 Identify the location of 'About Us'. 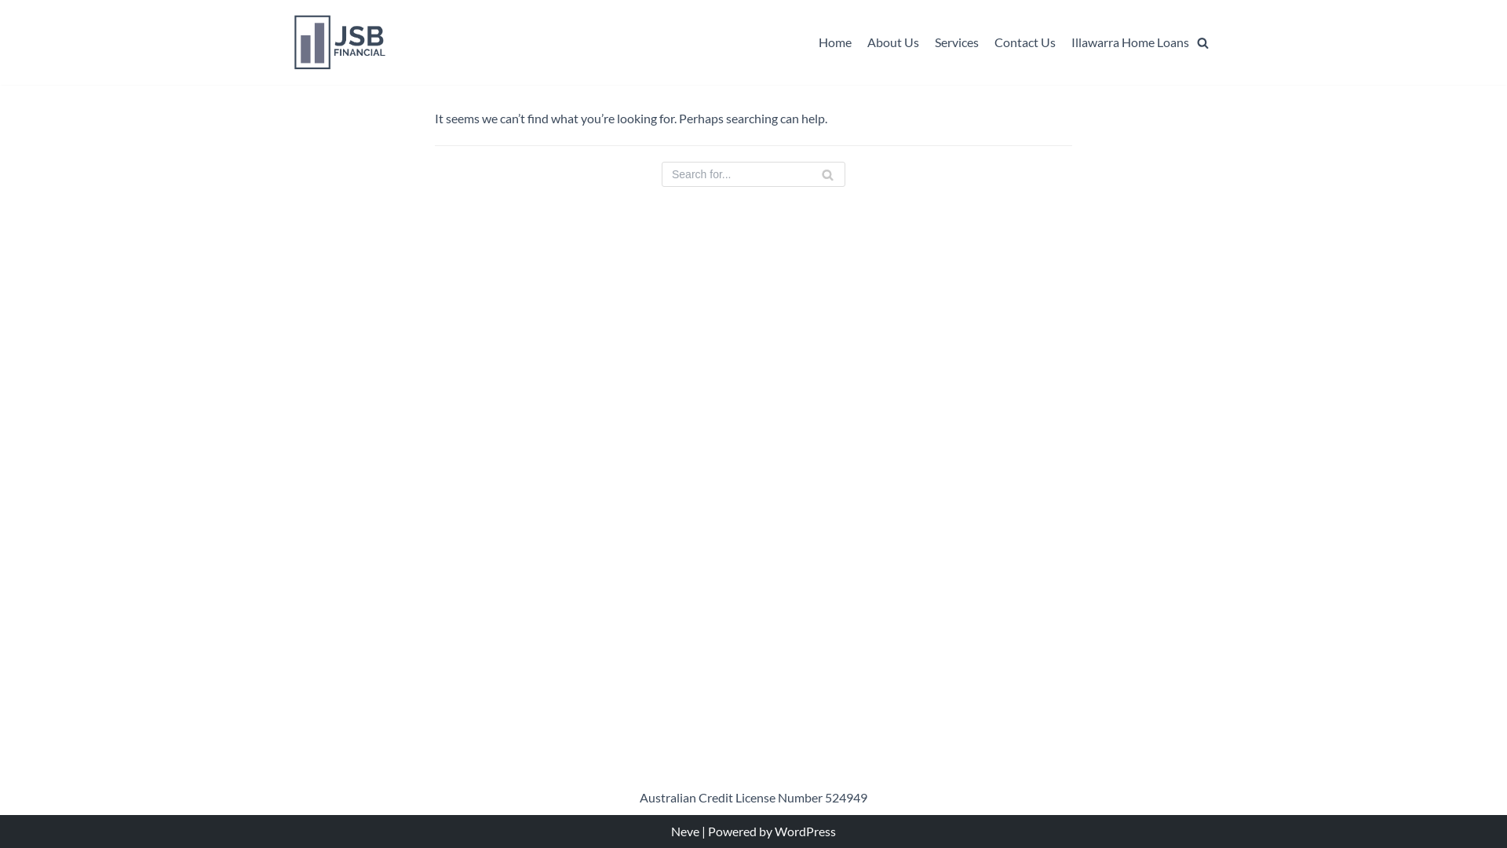
(892, 42).